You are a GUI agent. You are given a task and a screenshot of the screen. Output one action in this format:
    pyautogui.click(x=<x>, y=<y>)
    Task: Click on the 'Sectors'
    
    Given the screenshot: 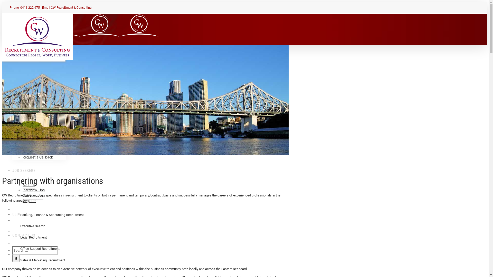 What is the action you would take?
    pyautogui.click(x=28, y=185)
    